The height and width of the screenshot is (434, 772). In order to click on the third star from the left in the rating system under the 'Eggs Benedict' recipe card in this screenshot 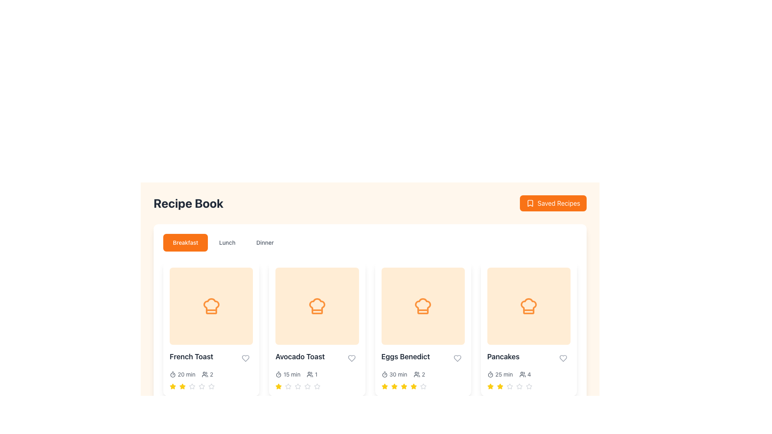, I will do `click(413, 386)`.